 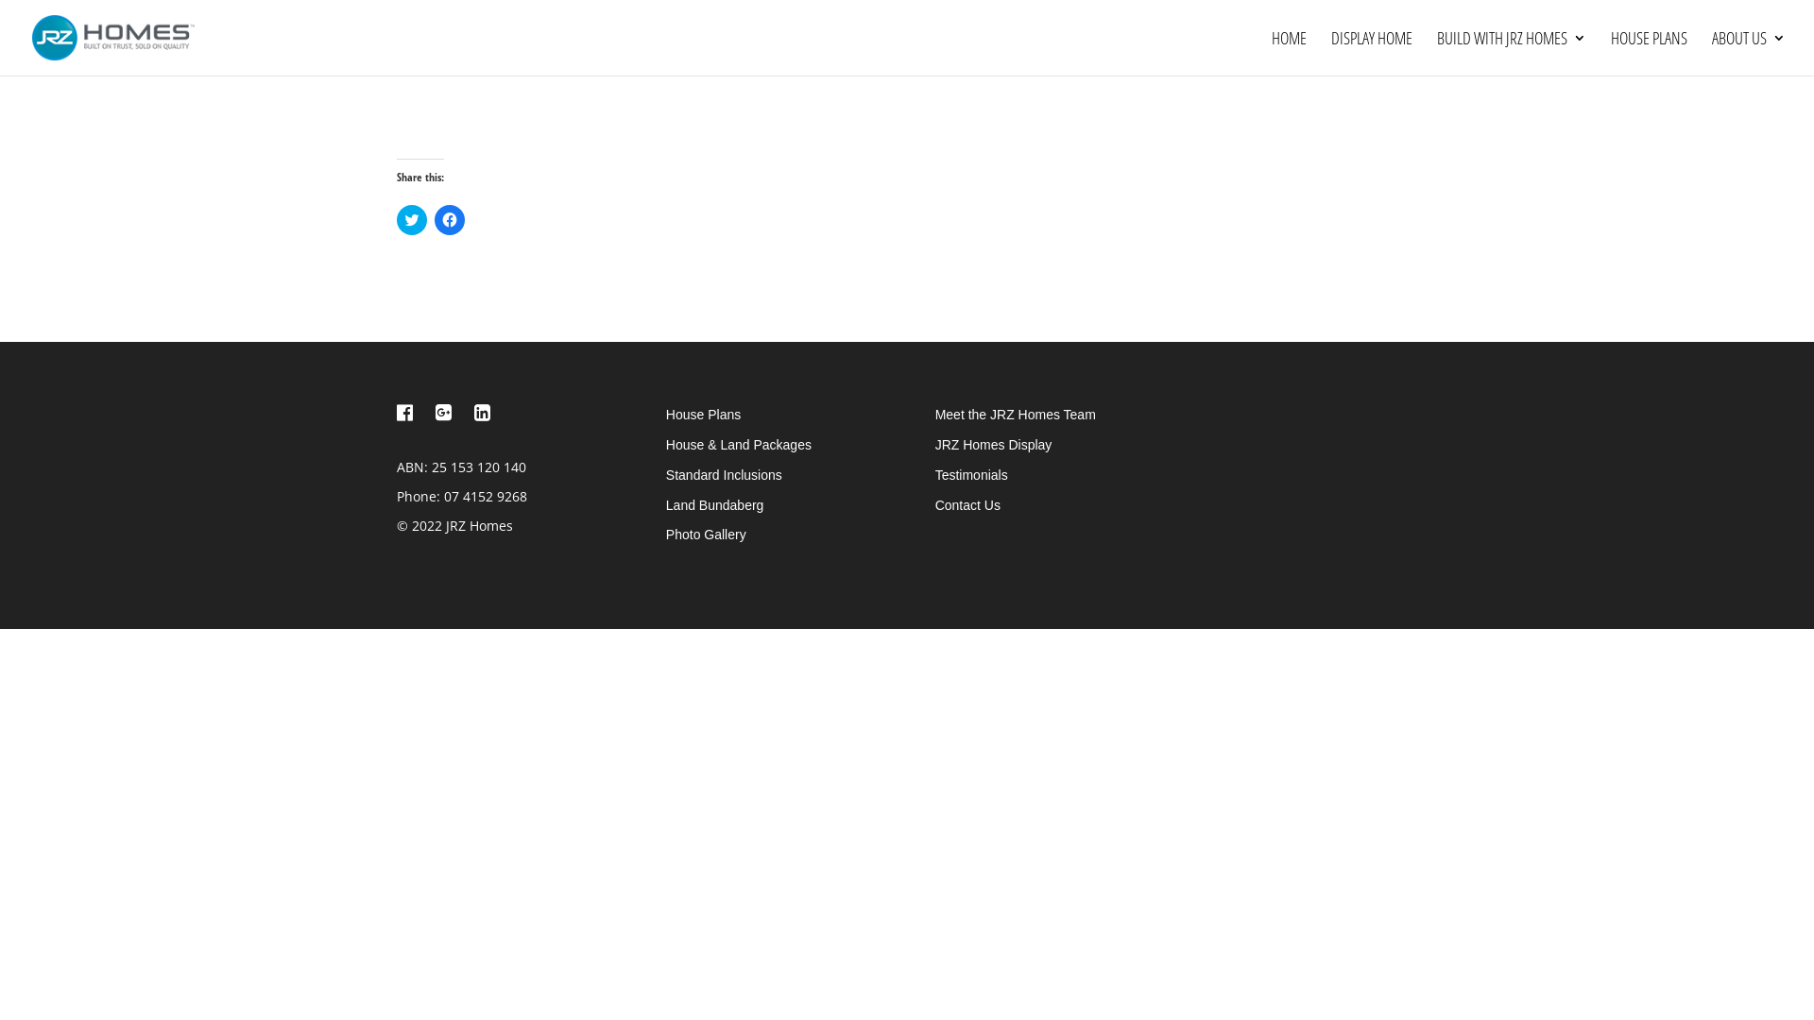 I want to click on 'Click to share on Facebook (Opens in new window)', so click(x=448, y=218).